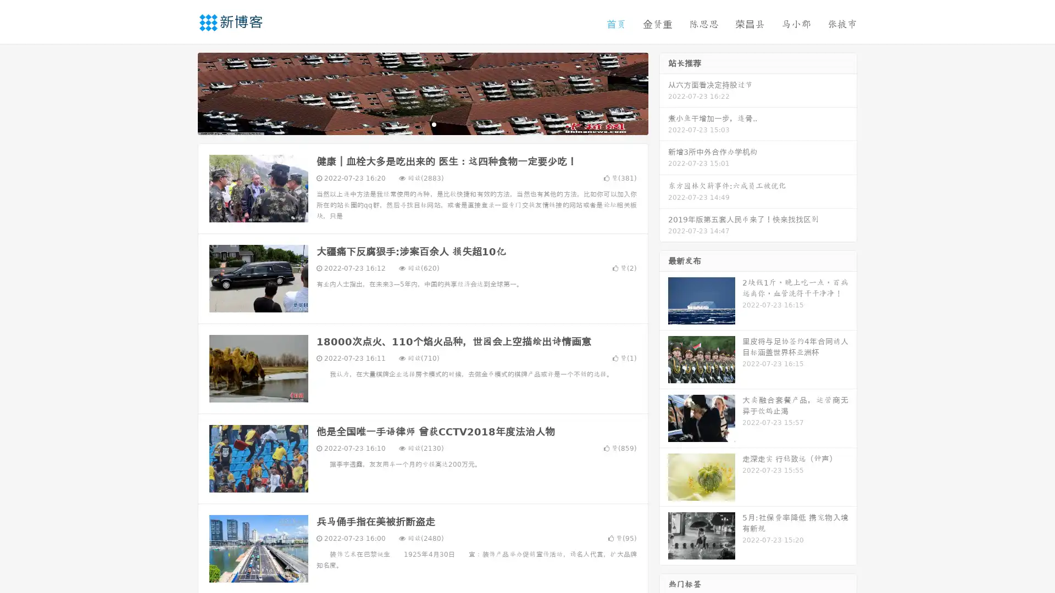 This screenshot has height=593, width=1055. I want to click on Go to slide 3, so click(434, 124).